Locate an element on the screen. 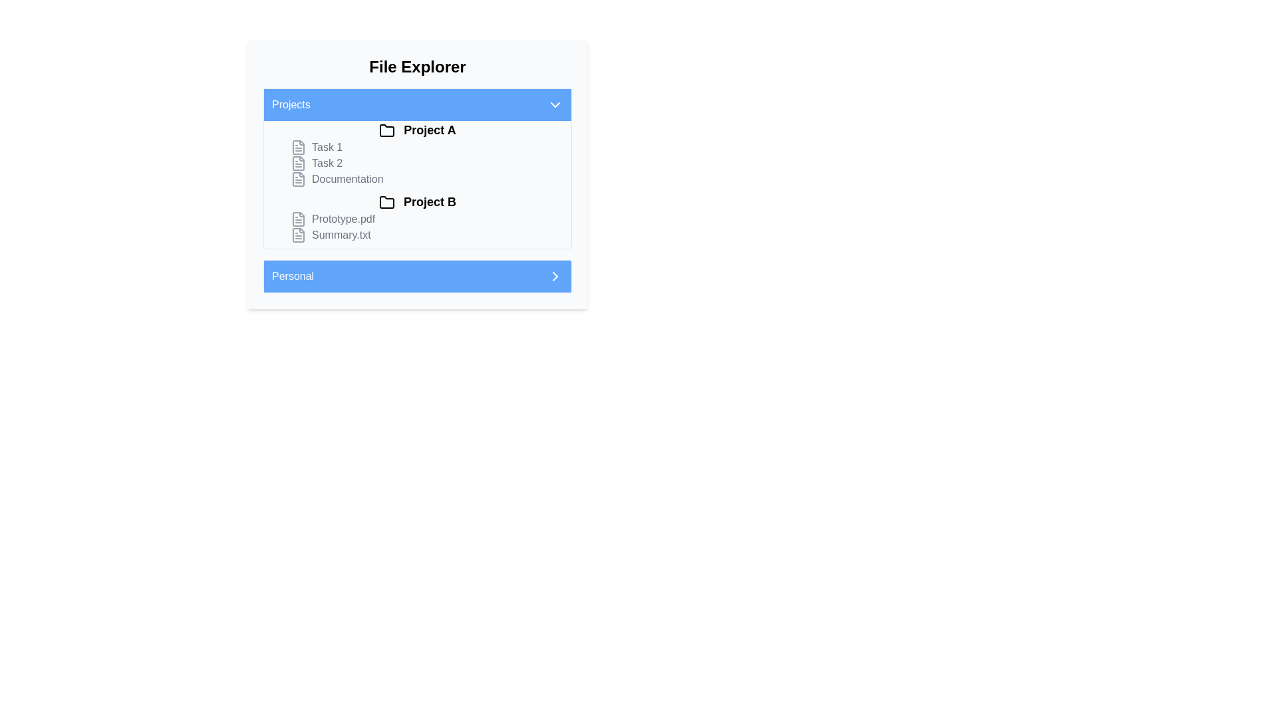 The image size is (1277, 718). the folder icon representing 'Project A' in the 'Projects' section of the 'File Explorer' interface is located at coordinates (386, 131).